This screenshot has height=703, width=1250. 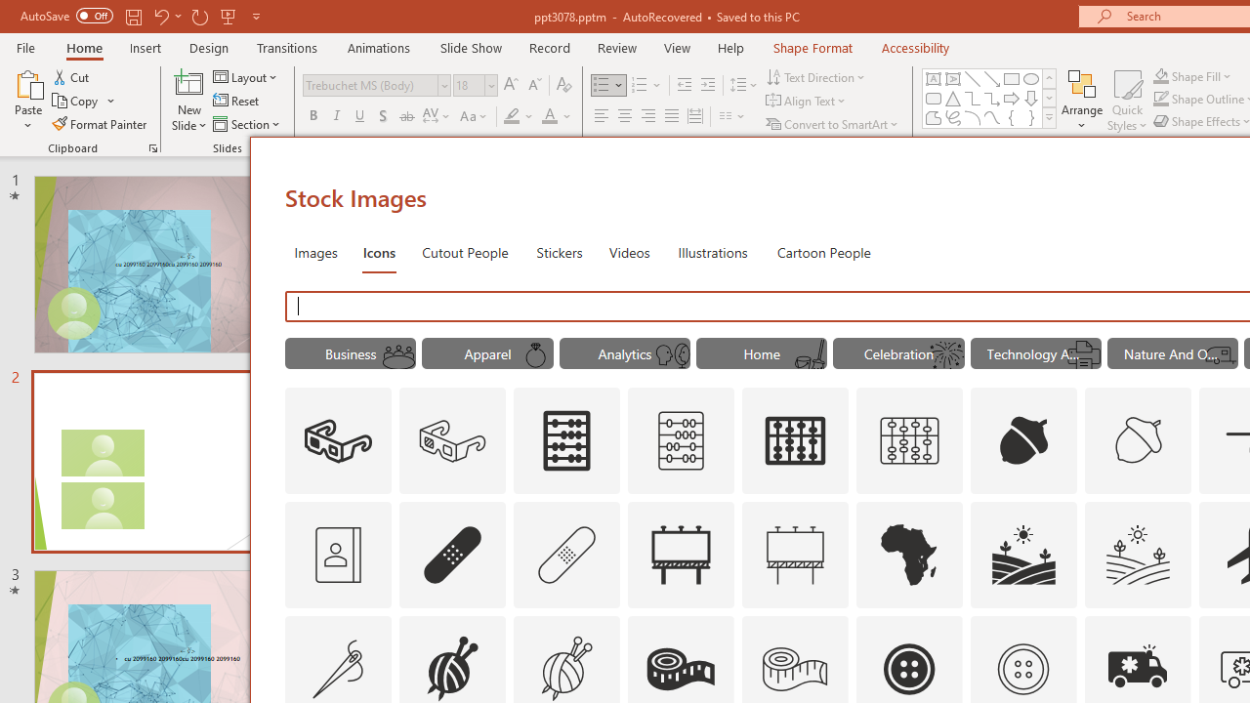 I want to click on '"Analytics" Icons.', so click(x=625, y=353).